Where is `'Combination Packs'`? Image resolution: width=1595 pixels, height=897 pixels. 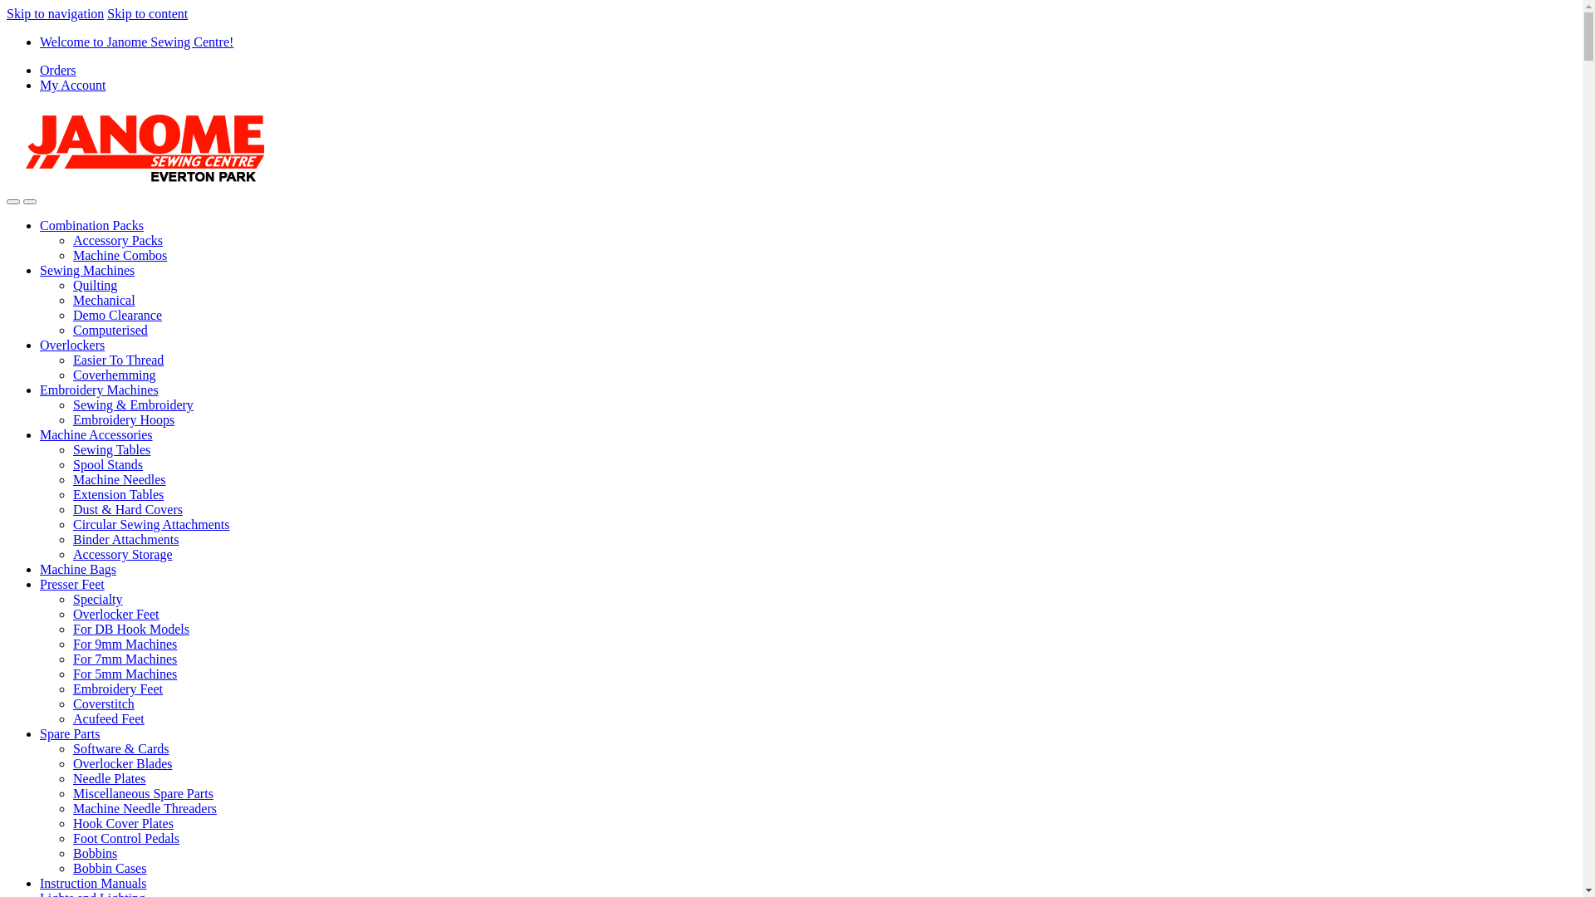 'Combination Packs' is located at coordinates (40, 225).